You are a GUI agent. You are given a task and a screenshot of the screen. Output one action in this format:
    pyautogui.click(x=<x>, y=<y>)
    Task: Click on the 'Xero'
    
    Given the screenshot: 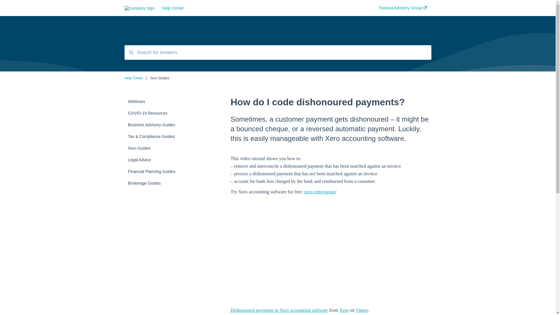 What is the action you would take?
    pyautogui.click(x=344, y=310)
    